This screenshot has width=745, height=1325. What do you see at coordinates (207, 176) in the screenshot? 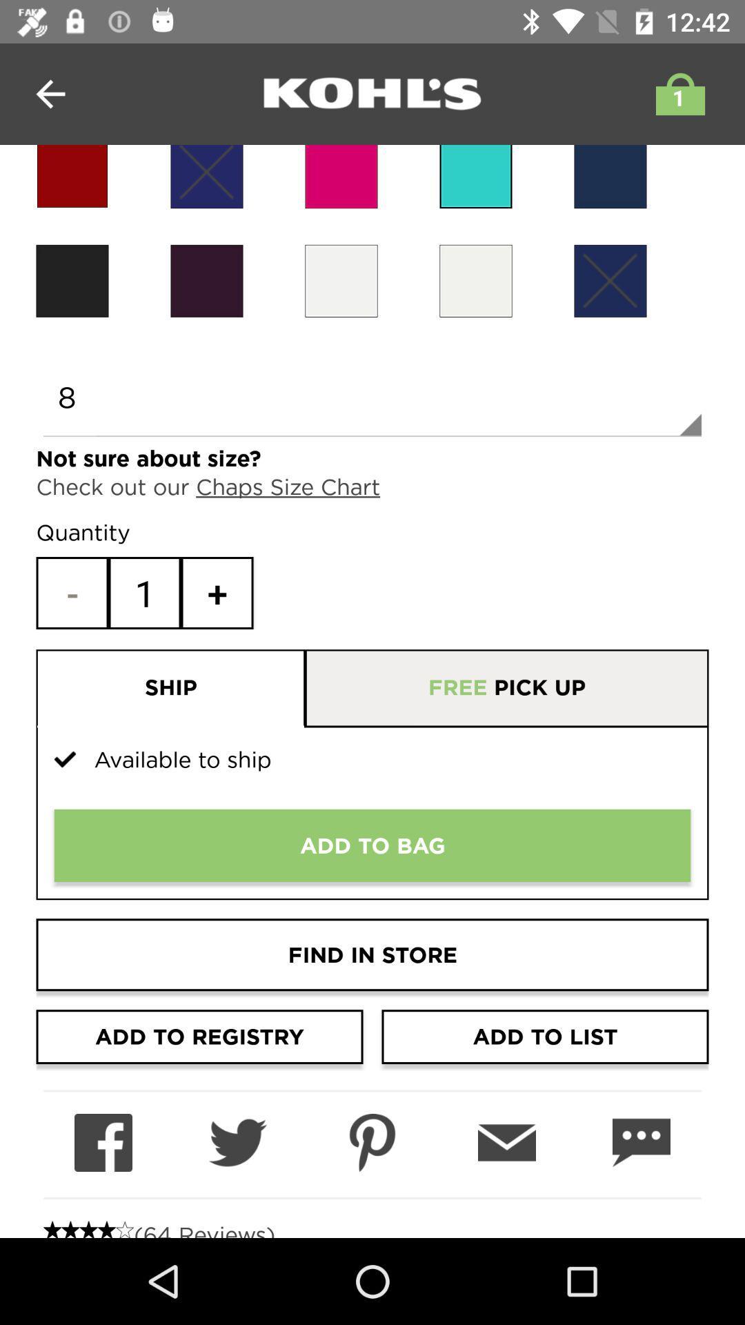
I see `the close icon` at bounding box center [207, 176].